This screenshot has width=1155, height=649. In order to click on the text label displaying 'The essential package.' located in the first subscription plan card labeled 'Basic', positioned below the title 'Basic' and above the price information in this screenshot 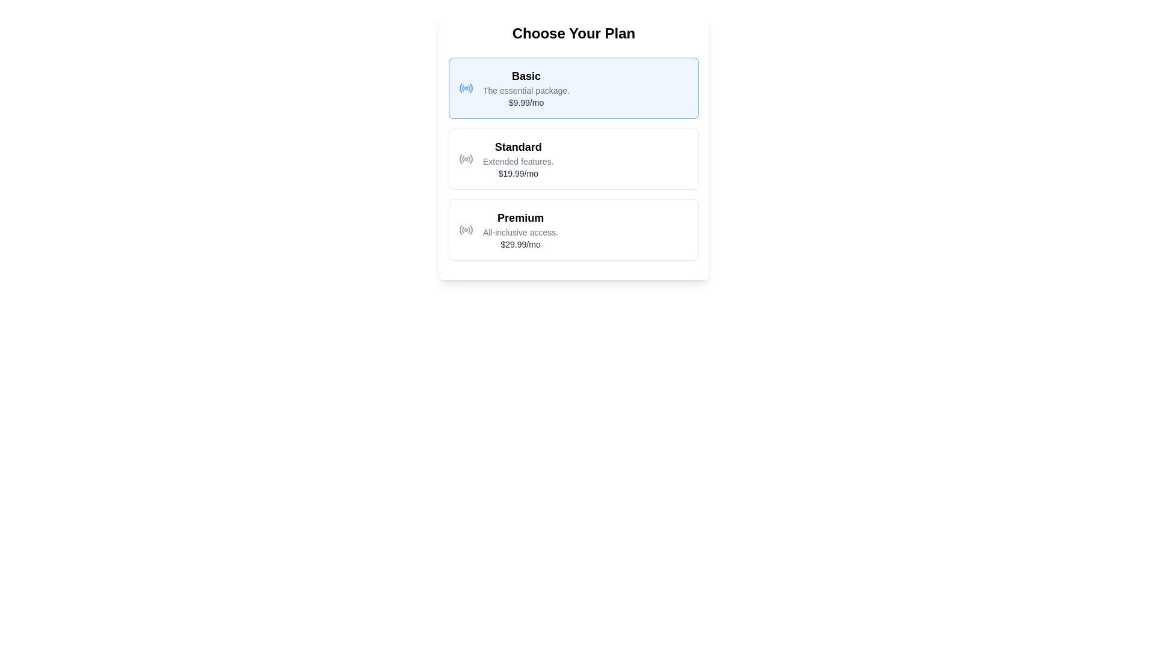, I will do `click(526, 90)`.